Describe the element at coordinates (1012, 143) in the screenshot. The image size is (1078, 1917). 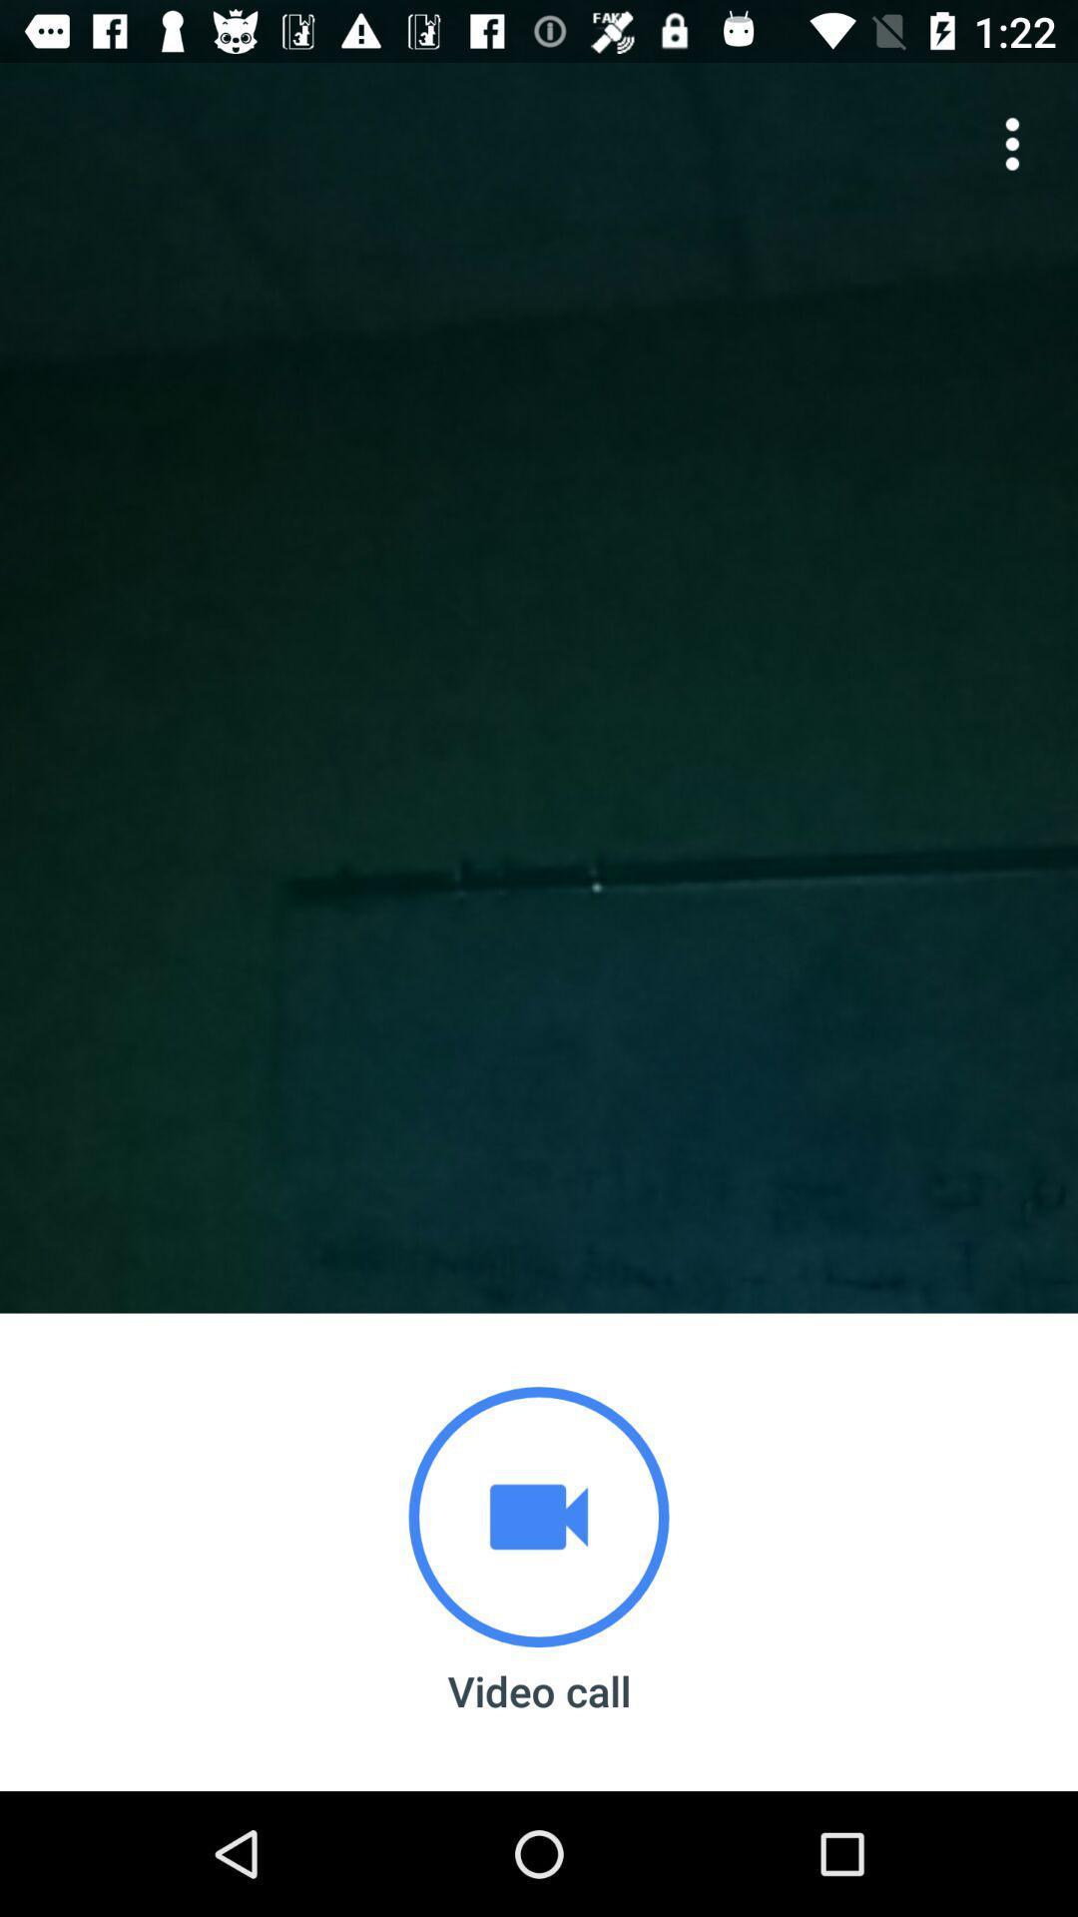
I see `the more icon` at that location.